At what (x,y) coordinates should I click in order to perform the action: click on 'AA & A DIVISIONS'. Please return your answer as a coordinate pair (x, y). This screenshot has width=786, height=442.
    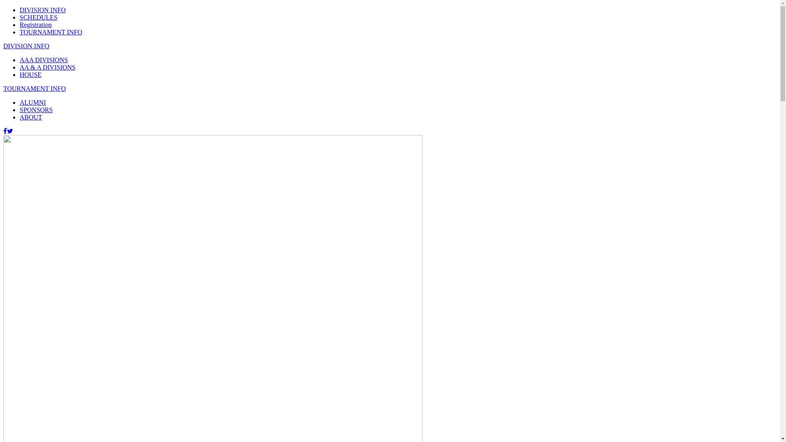
    Looking at the image, I should click on (47, 67).